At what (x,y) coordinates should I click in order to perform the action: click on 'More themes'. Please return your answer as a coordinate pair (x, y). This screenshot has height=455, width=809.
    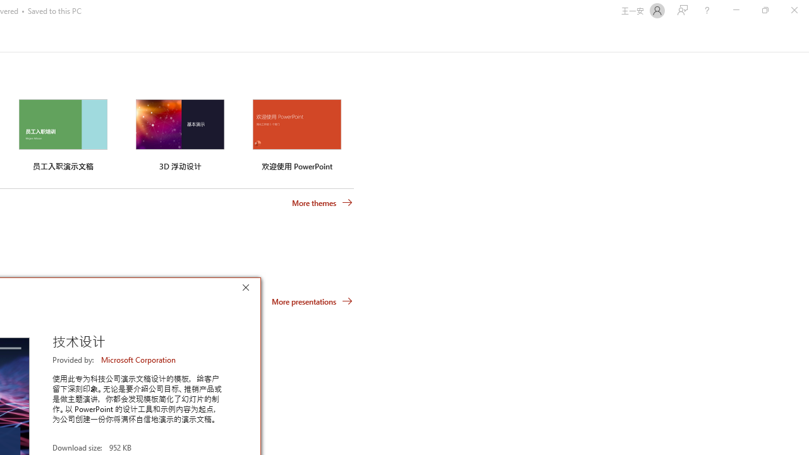
    Looking at the image, I should click on (322, 202).